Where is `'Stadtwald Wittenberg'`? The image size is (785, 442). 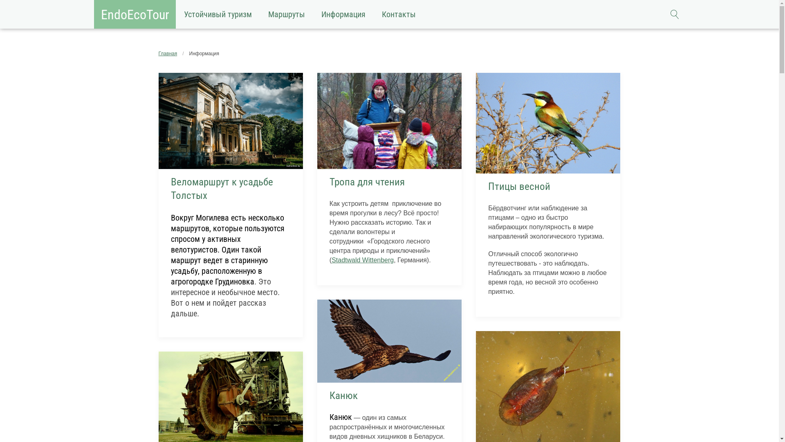
'Stadtwald Wittenberg' is located at coordinates (362, 260).